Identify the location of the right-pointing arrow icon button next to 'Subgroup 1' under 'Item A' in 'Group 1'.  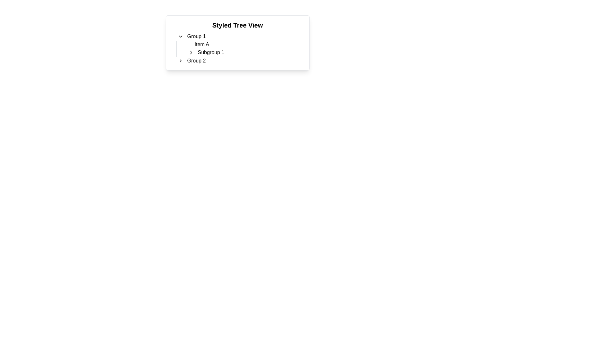
(191, 52).